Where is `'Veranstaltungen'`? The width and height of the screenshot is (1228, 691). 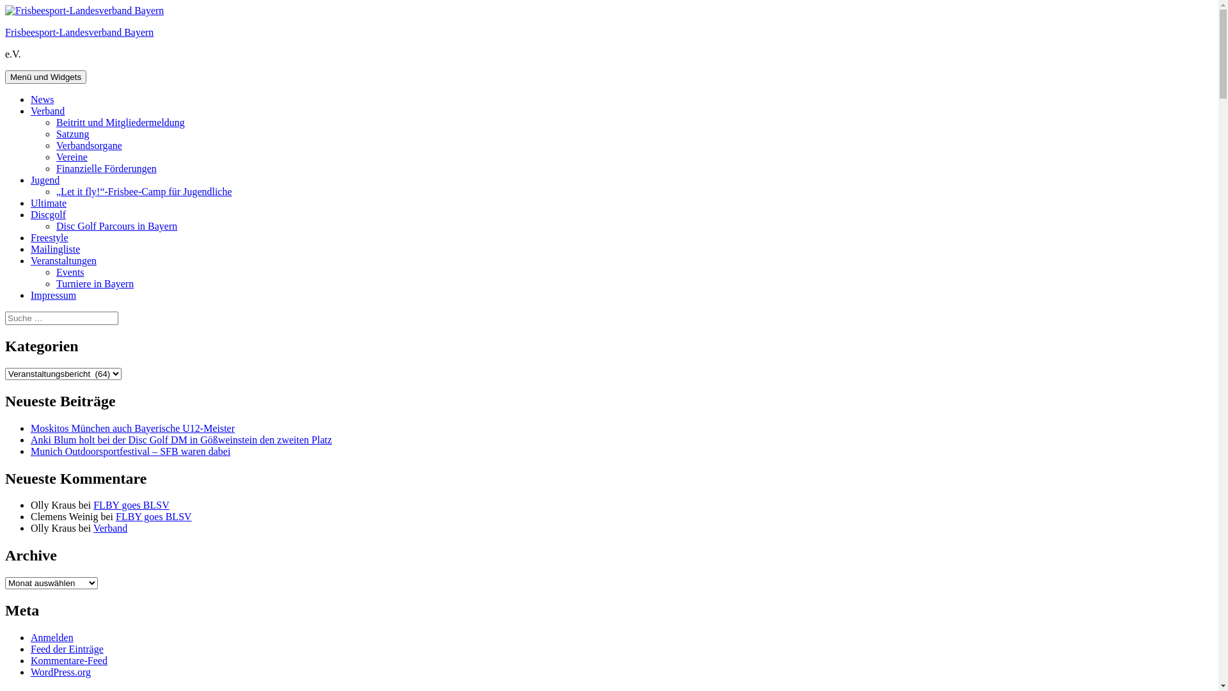 'Veranstaltungen' is located at coordinates (63, 260).